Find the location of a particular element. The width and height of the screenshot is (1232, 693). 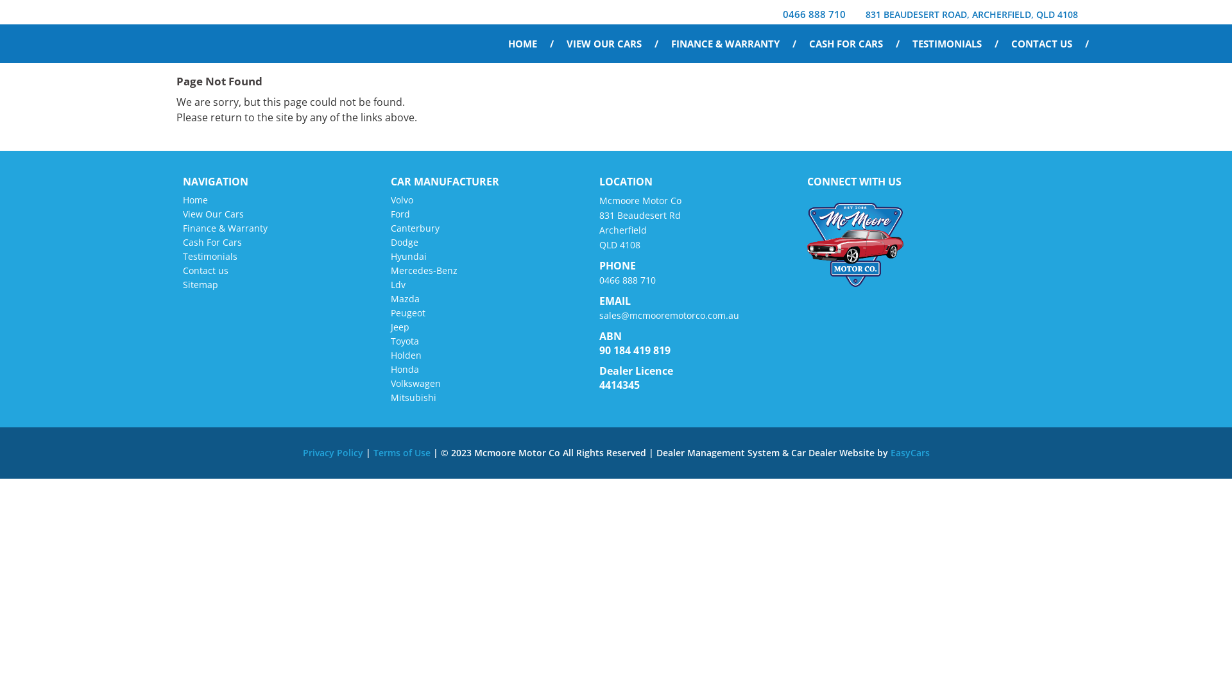

'Finance & Warranty' is located at coordinates (225, 227).